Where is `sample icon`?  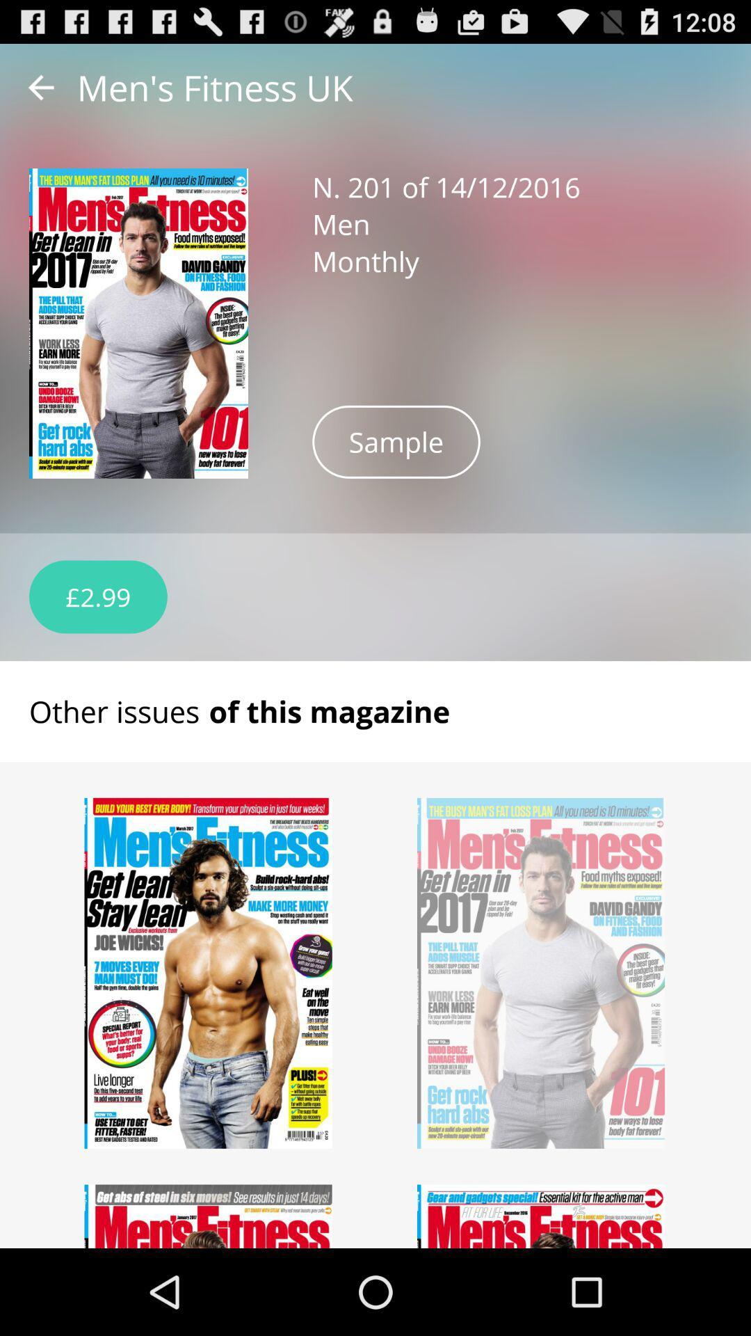
sample icon is located at coordinates (396, 441).